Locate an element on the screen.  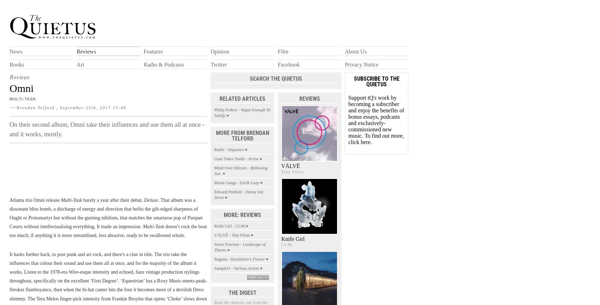
'Sampler1 -' is located at coordinates (223, 268).